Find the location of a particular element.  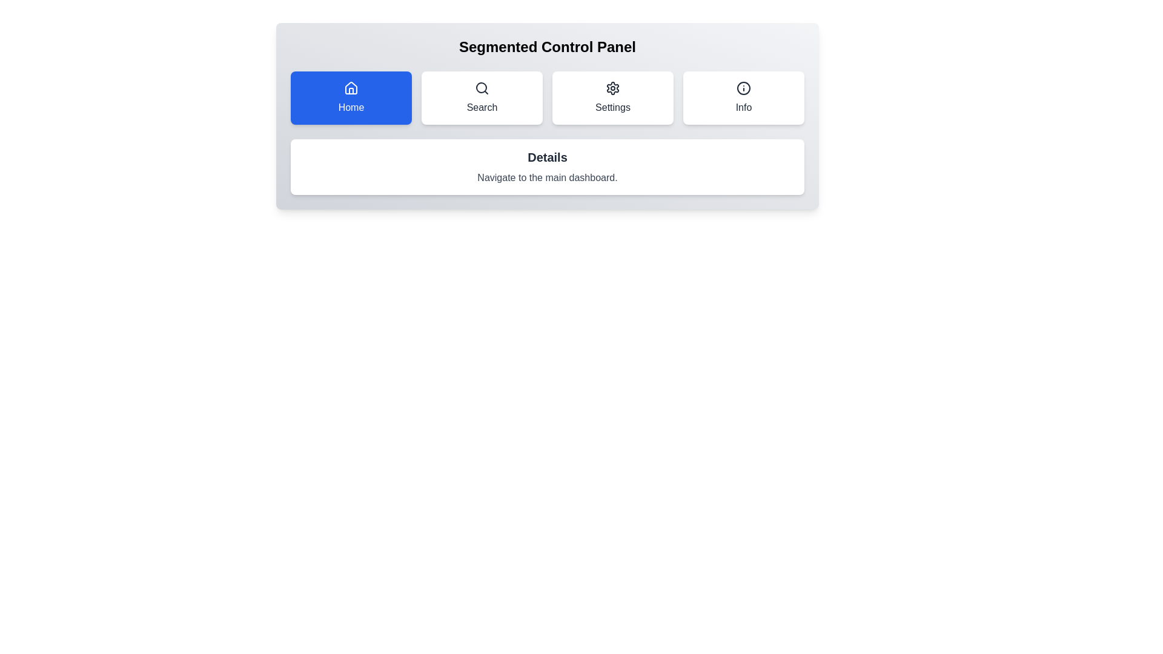

the 'Search' button, which is the second button in the horizontal grid layout, displaying a magnifying glass icon and the text 'Search' is located at coordinates (482, 97).